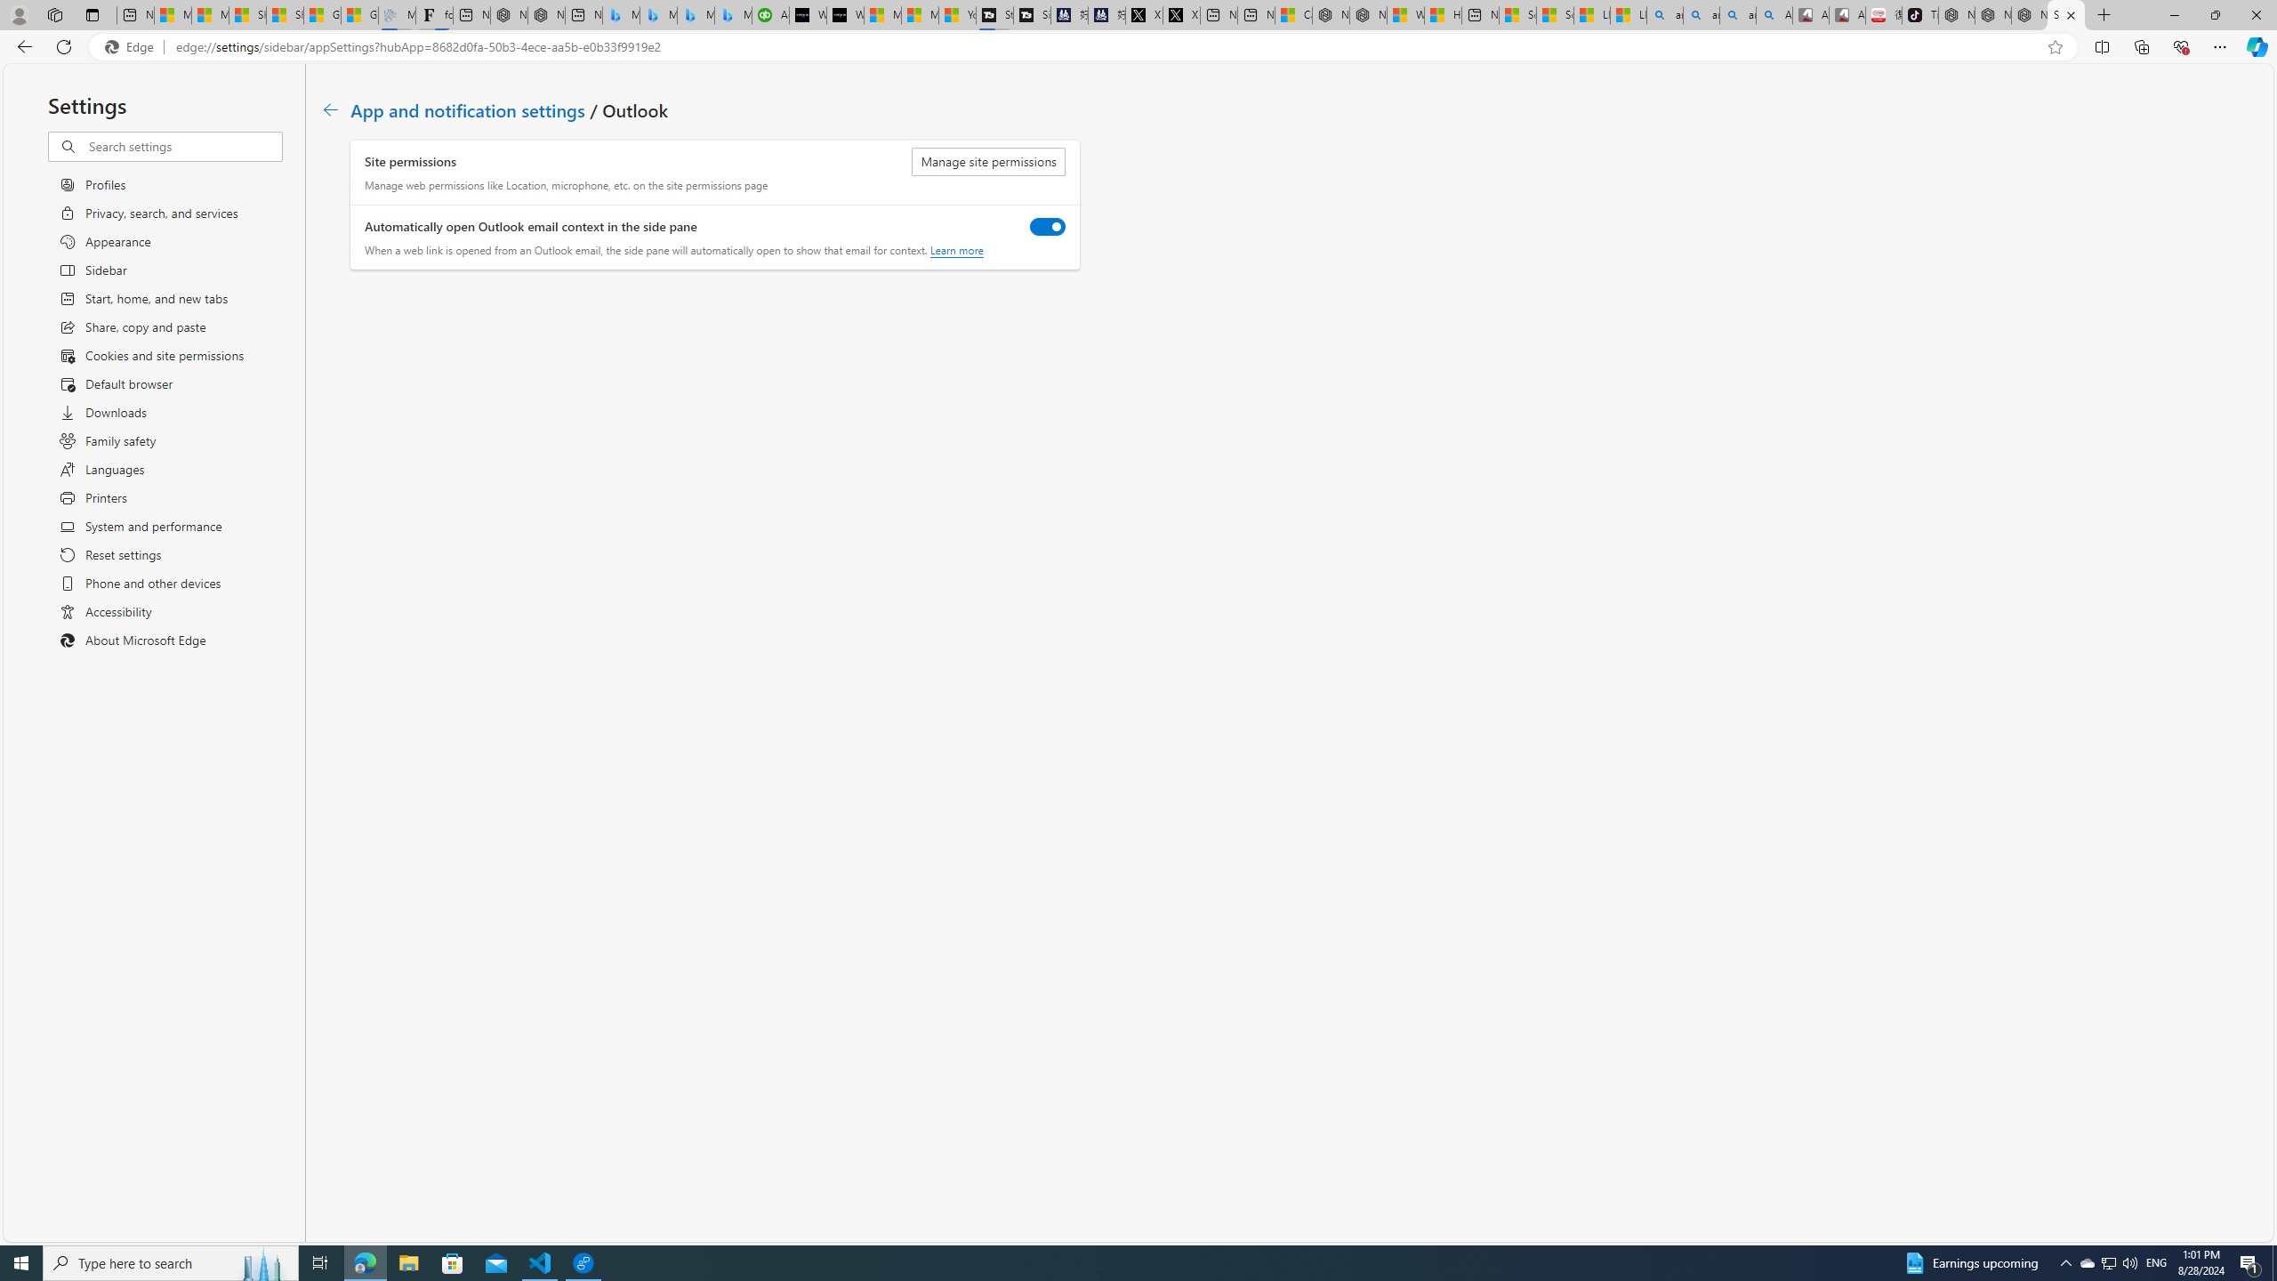 This screenshot has width=2277, height=1281. I want to click on 'Search settings', so click(184, 146).